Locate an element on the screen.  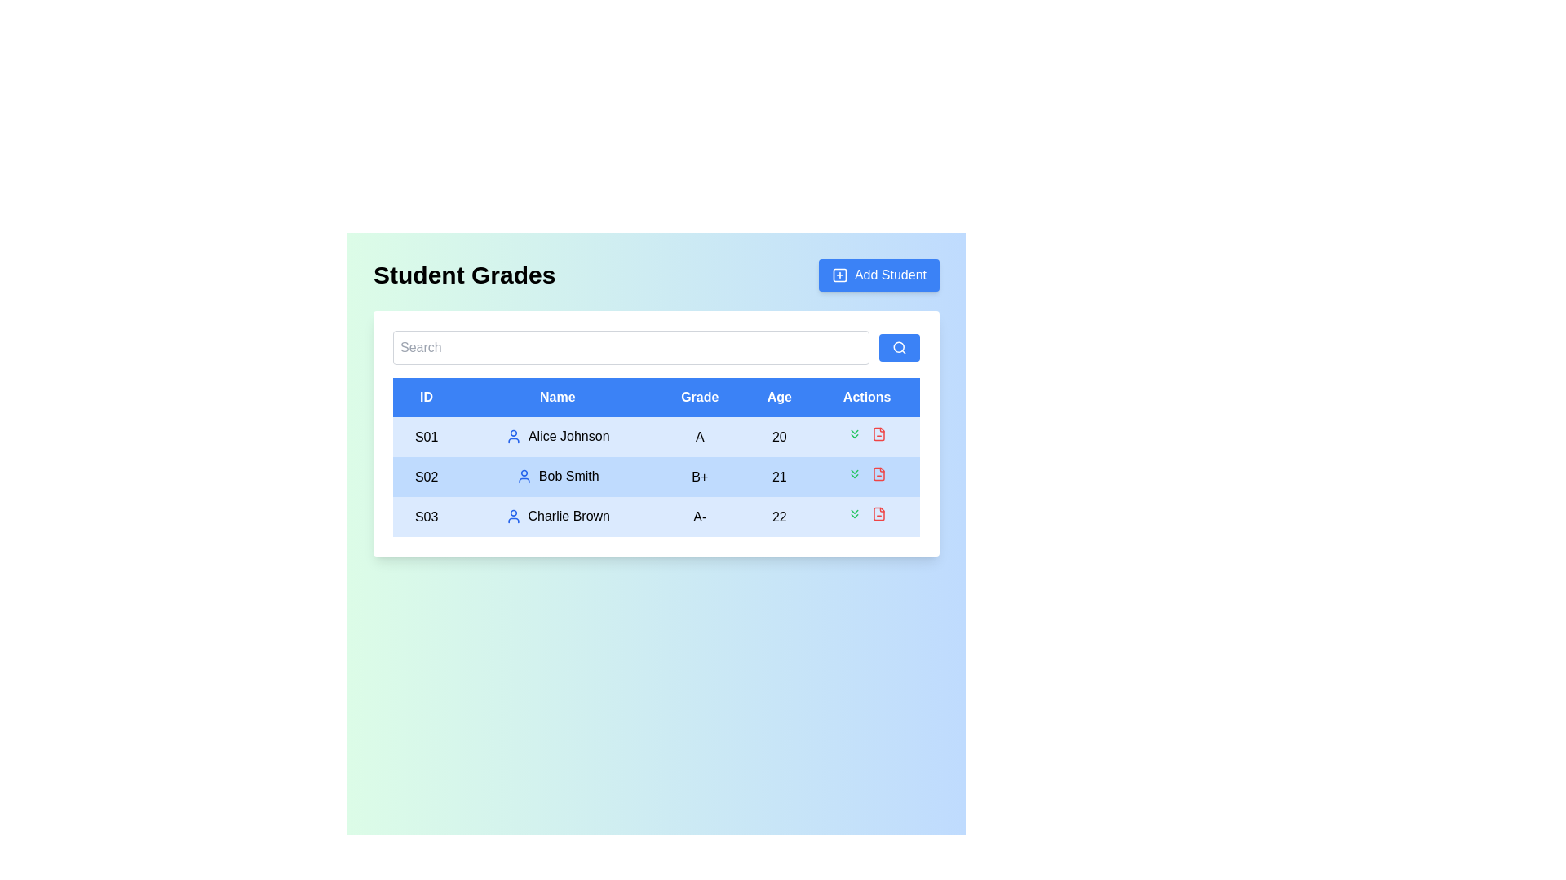
the table cell containing the student ID 'S03', which is is located at coordinates (427, 517).